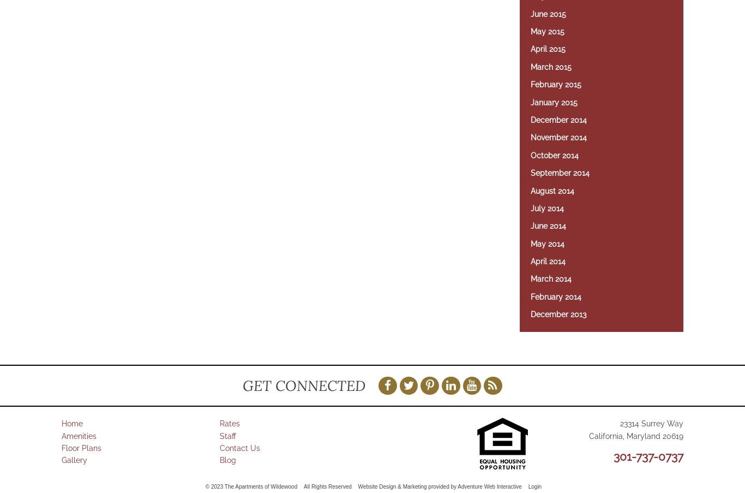 The image size is (745, 493). I want to click on 'June 2014', so click(548, 225).